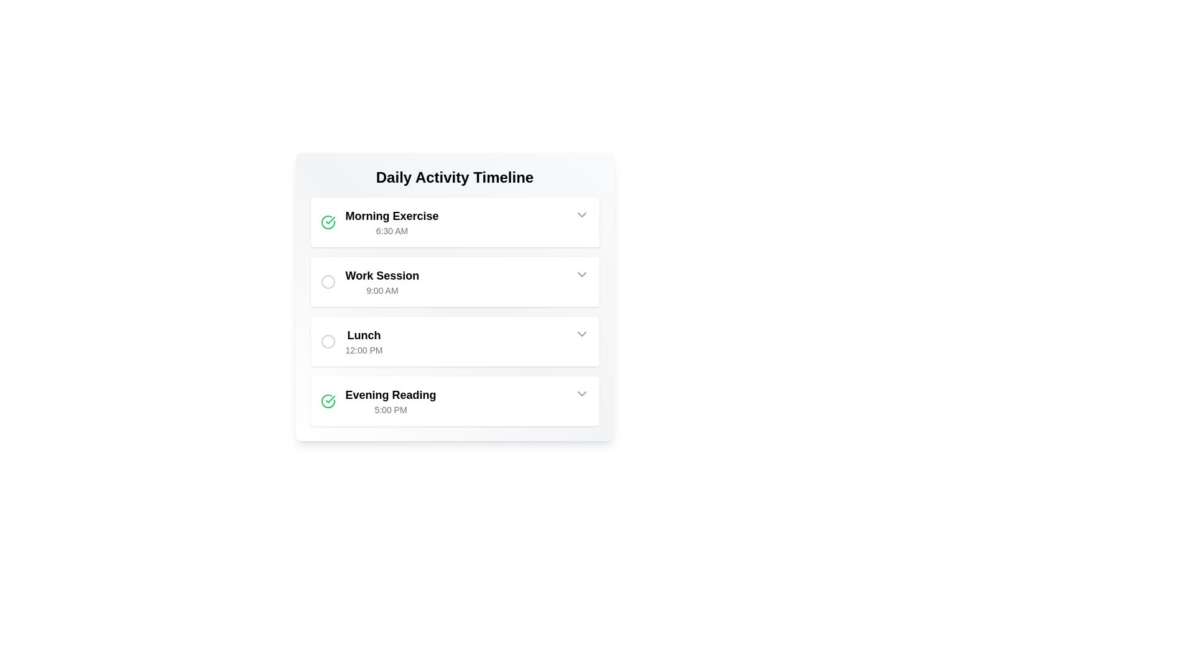 Image resolution: width=1194 pixels, height=671 pixels. Describe the element at coordinates (390, 409) in the screenshot. I see `gray text label displaying '5:00 PM' located below the bold text 'Evening Reading' within the timeline entry` at that location.